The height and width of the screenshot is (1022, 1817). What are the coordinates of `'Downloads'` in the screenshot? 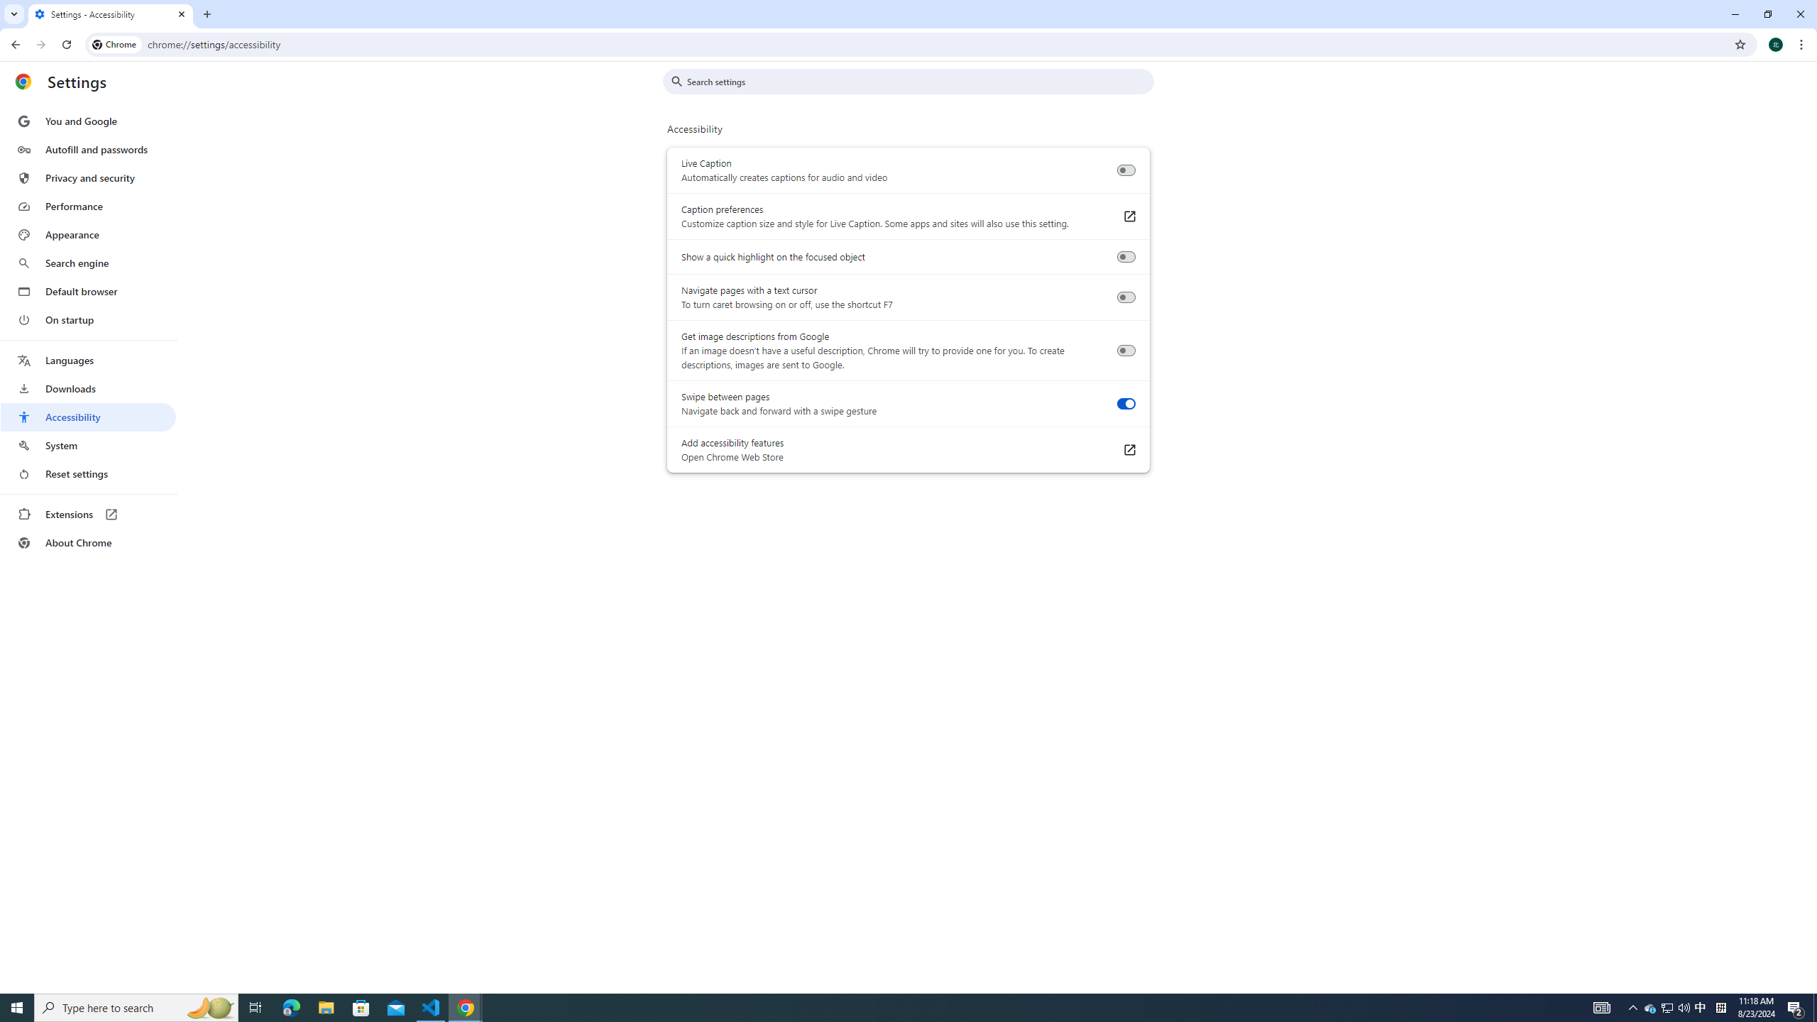 It's located at (87, 388).